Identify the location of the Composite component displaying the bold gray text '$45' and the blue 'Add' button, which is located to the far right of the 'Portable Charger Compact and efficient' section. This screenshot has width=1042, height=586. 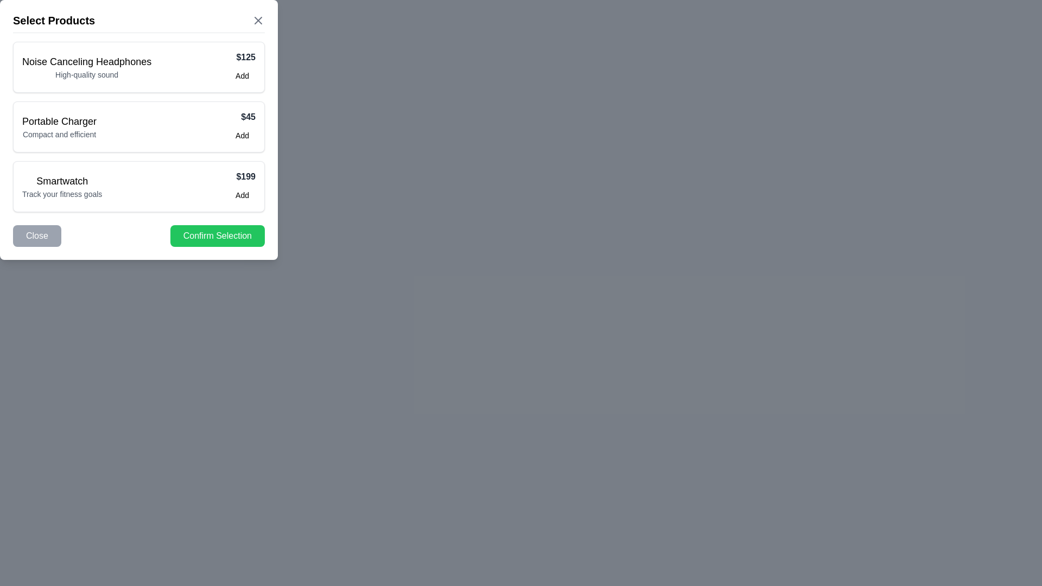
(242, 126).